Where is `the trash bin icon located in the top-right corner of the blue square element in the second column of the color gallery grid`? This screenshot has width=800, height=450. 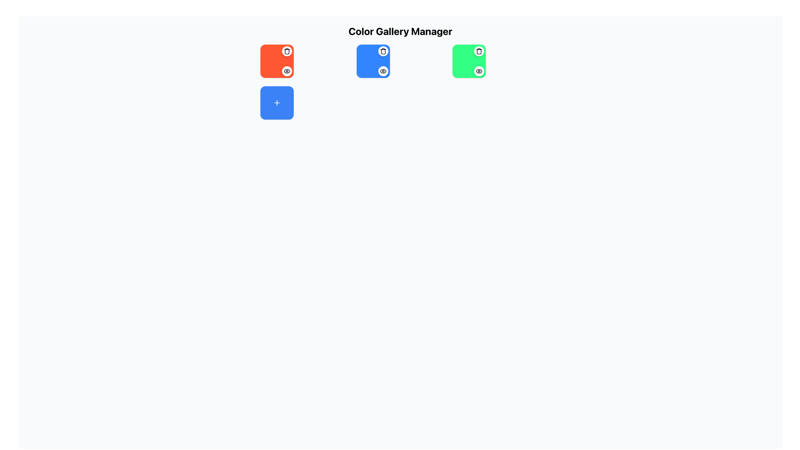
the trash bin icon located in the top-right corner of the blue square element in the second column of the color gallery grid is located at coordinates (382, 51).